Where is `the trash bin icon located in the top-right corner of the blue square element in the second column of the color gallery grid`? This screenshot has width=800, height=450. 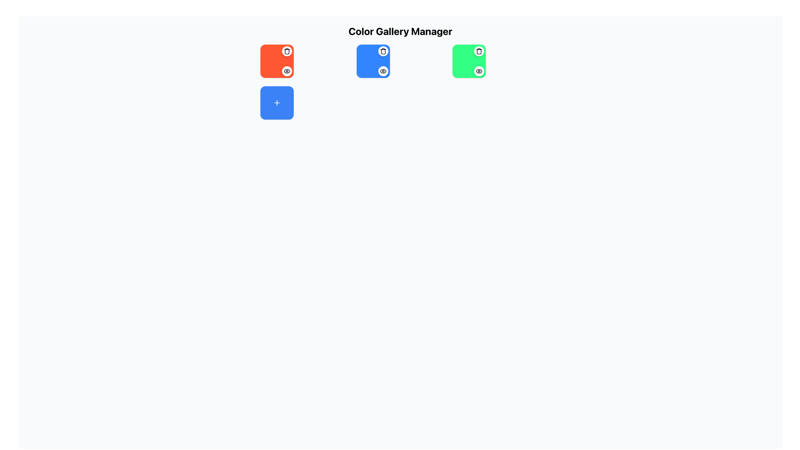
the trash bin icon located in the top-right corner of the blue square element in the second column of the color gallery grid is located at coordinates (382, 51).